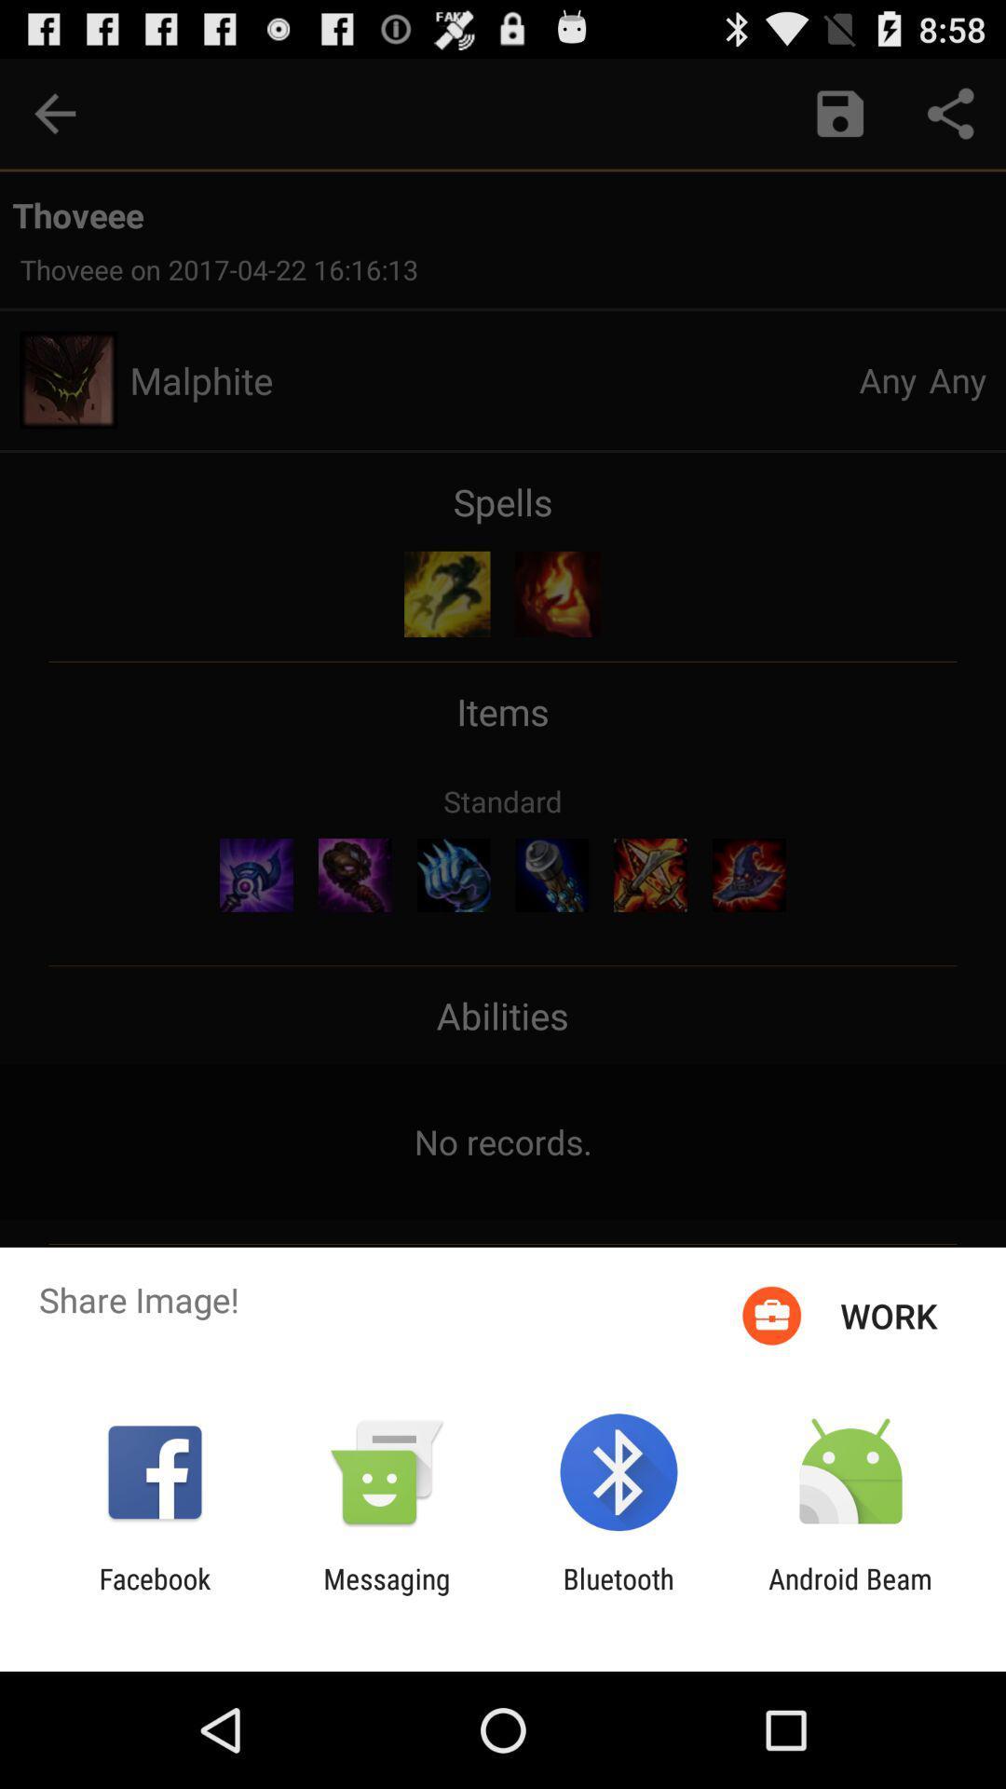  I want to click on app next to bluetooth item, so click(850, 1594).